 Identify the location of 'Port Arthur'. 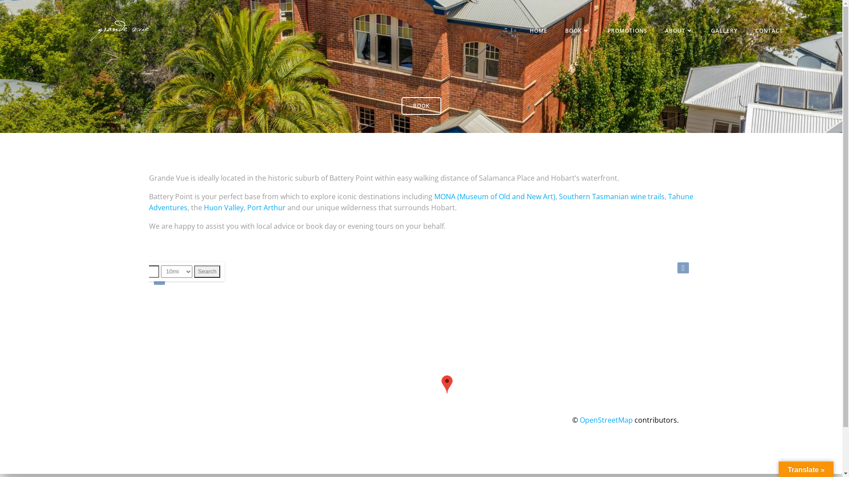
(265, 208).